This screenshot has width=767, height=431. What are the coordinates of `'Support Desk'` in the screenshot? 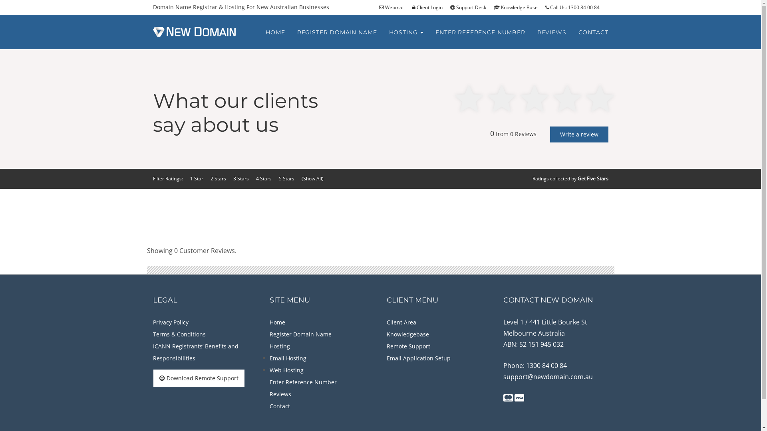 It's located at (471, 7).